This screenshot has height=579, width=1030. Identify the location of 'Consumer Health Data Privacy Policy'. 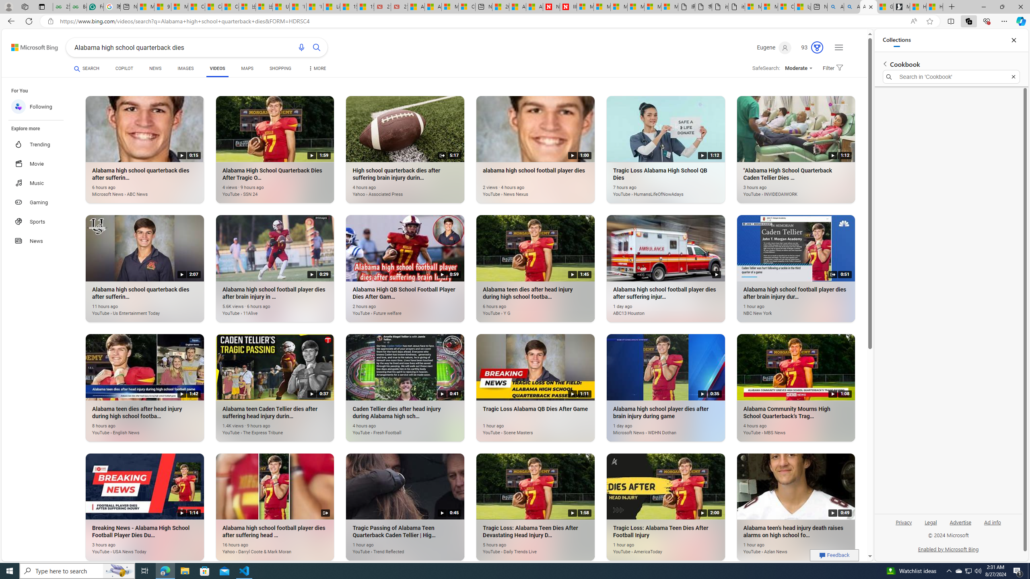
(786, 6).